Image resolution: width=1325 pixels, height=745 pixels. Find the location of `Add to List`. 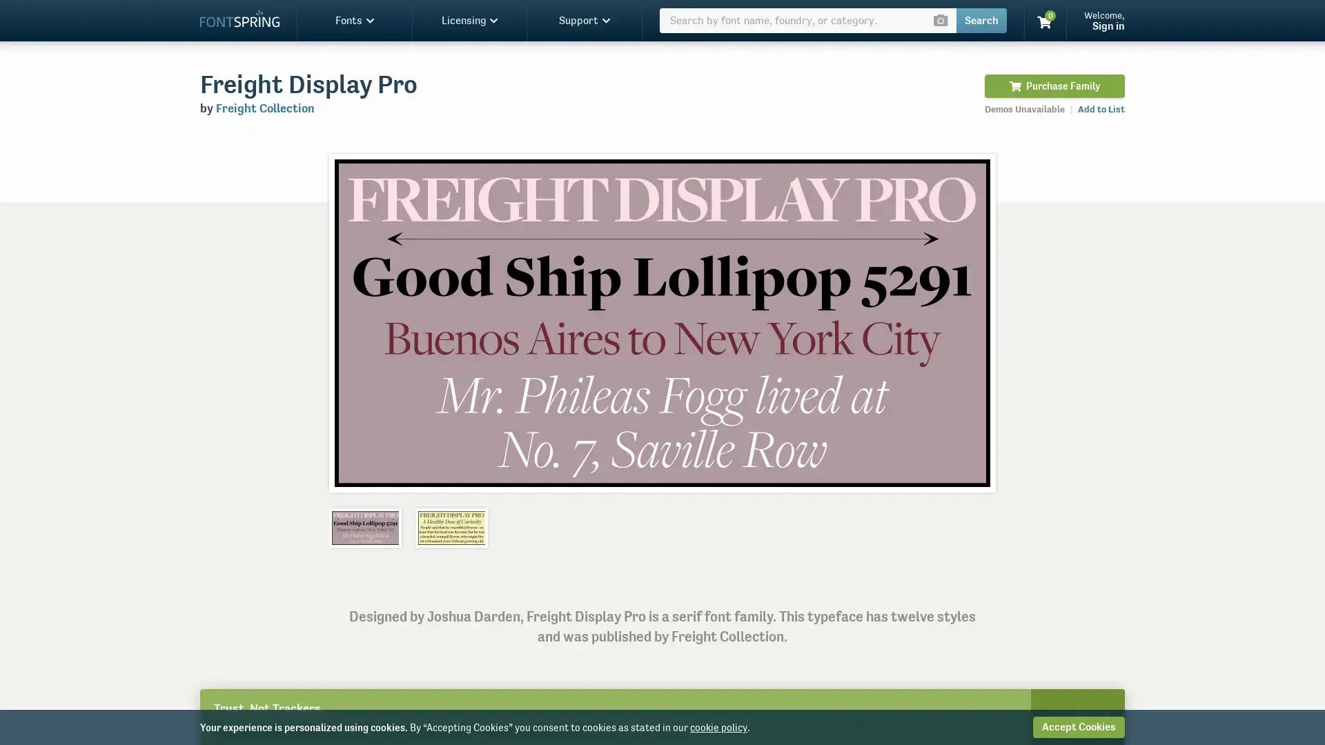

Add to List is located at coordinates (1101, 108).